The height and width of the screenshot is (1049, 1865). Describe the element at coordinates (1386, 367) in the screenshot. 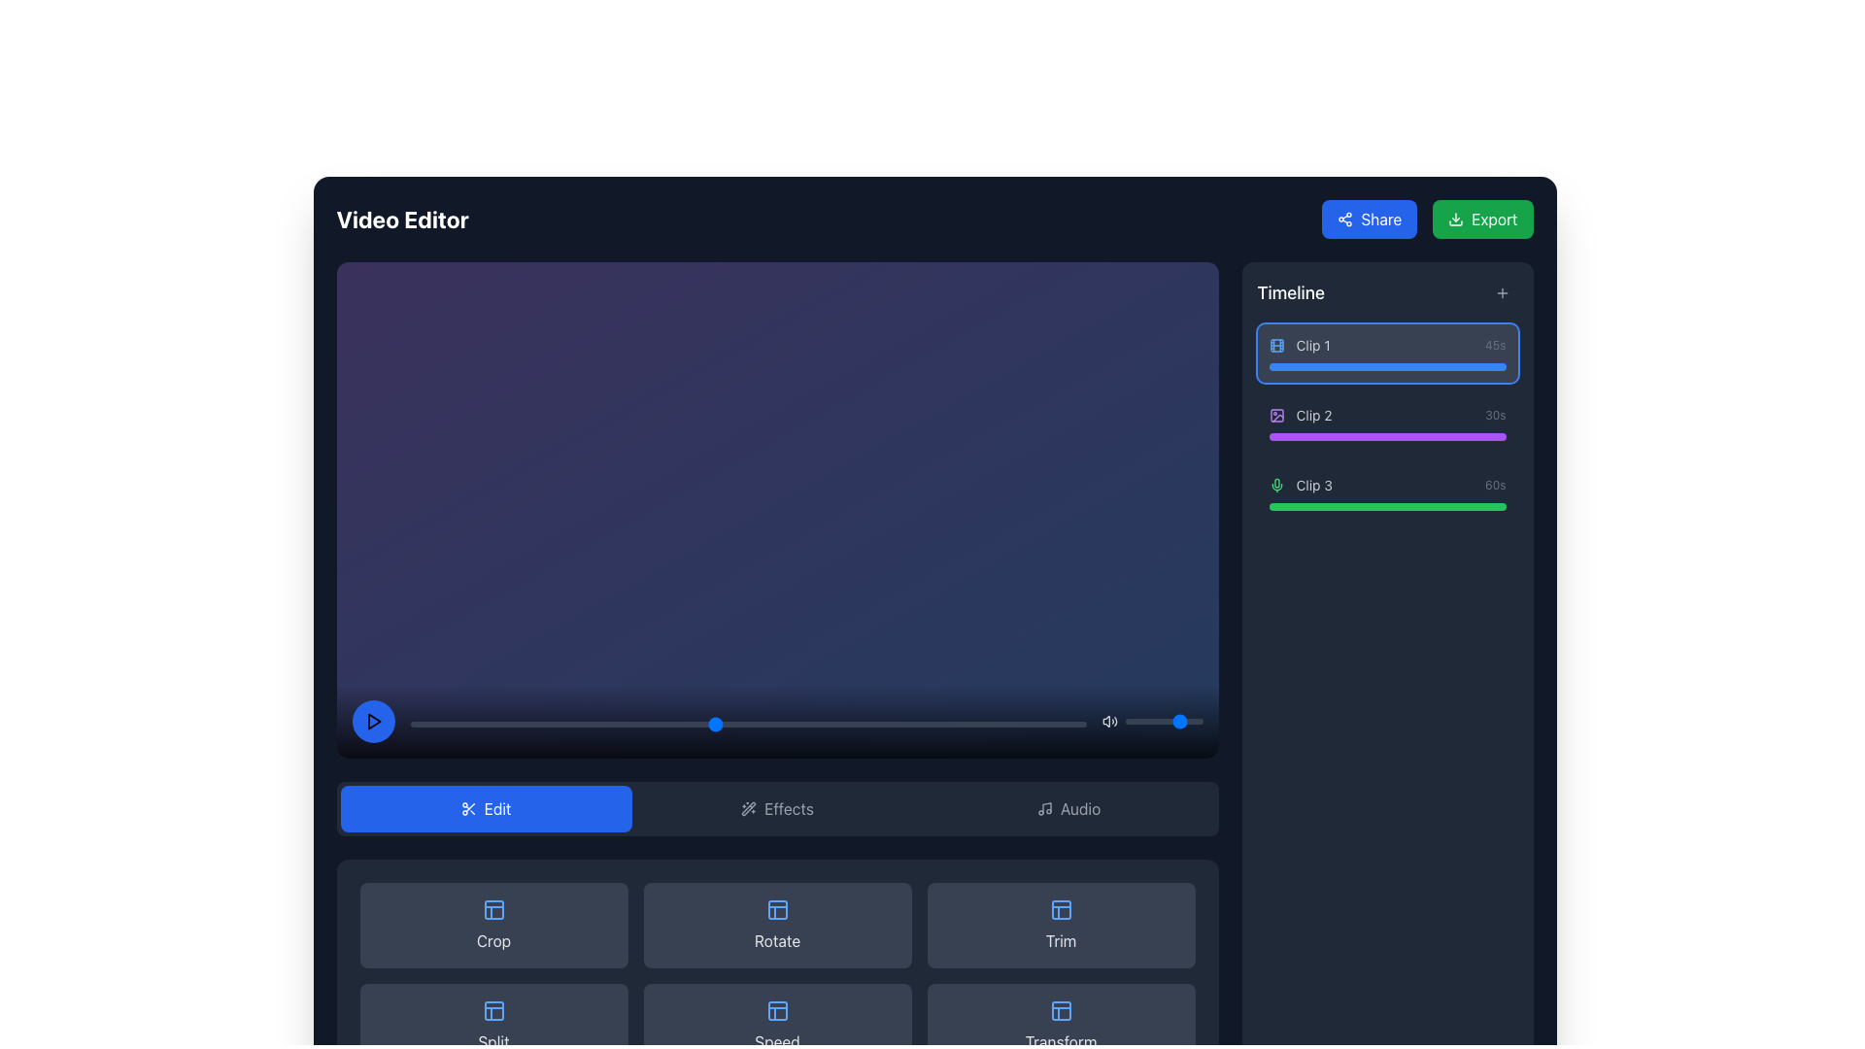

I see `the blue progress bar located in the timeline section, specifically under 'Clip 1' and '45s'` at that location.